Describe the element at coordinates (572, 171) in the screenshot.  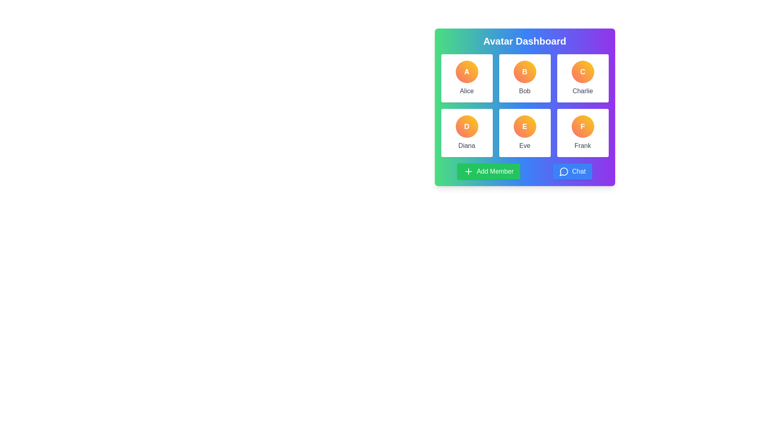
I see `the blue 'Chat' button with rounded corners that contains white text and a speech bubble icon, located to the right of the 'Add Member' button in the dashboard interface` at that location.